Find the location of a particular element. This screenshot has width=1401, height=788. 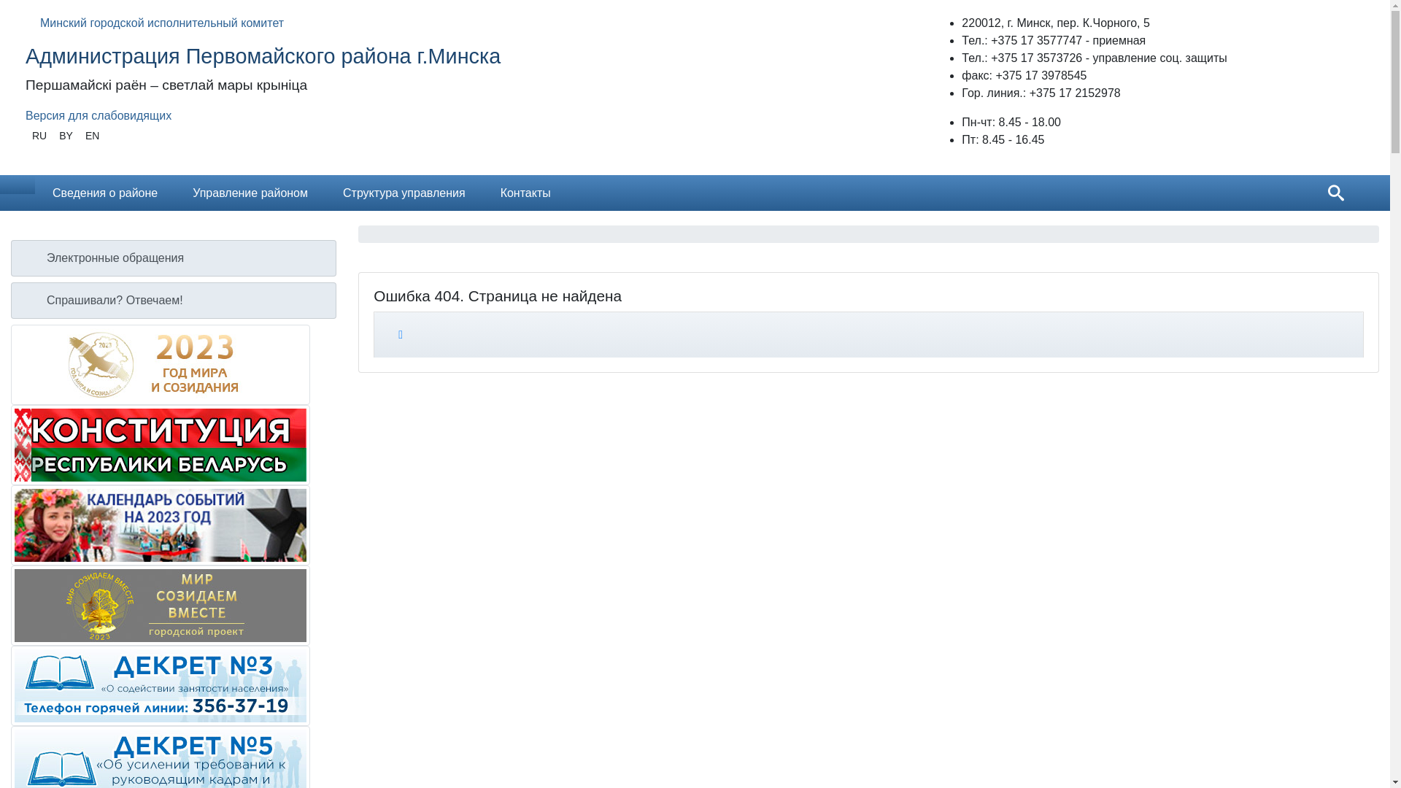

'EN' is located at coordinates (78, 136).